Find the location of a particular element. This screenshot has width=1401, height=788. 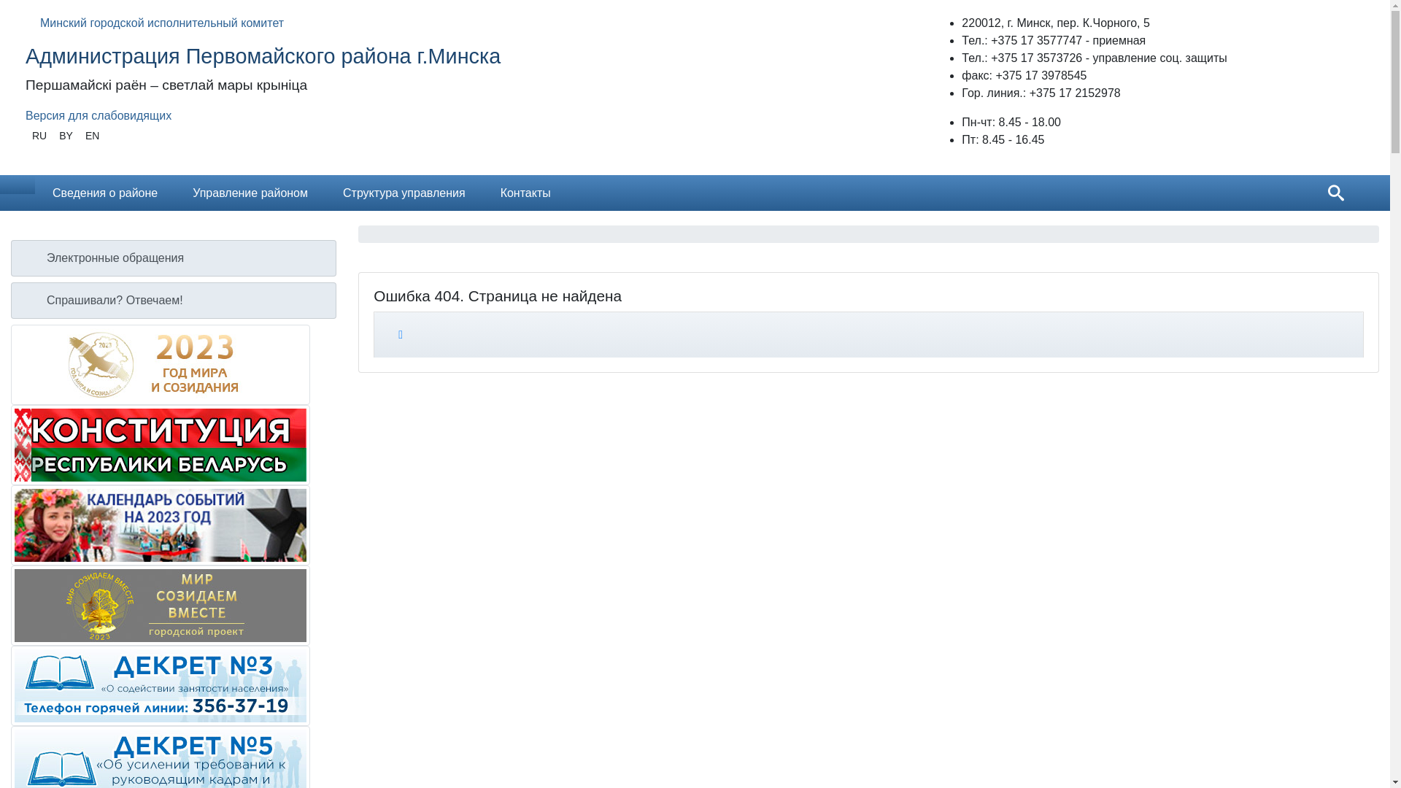

'EN' is located at coordinates (78, 136).